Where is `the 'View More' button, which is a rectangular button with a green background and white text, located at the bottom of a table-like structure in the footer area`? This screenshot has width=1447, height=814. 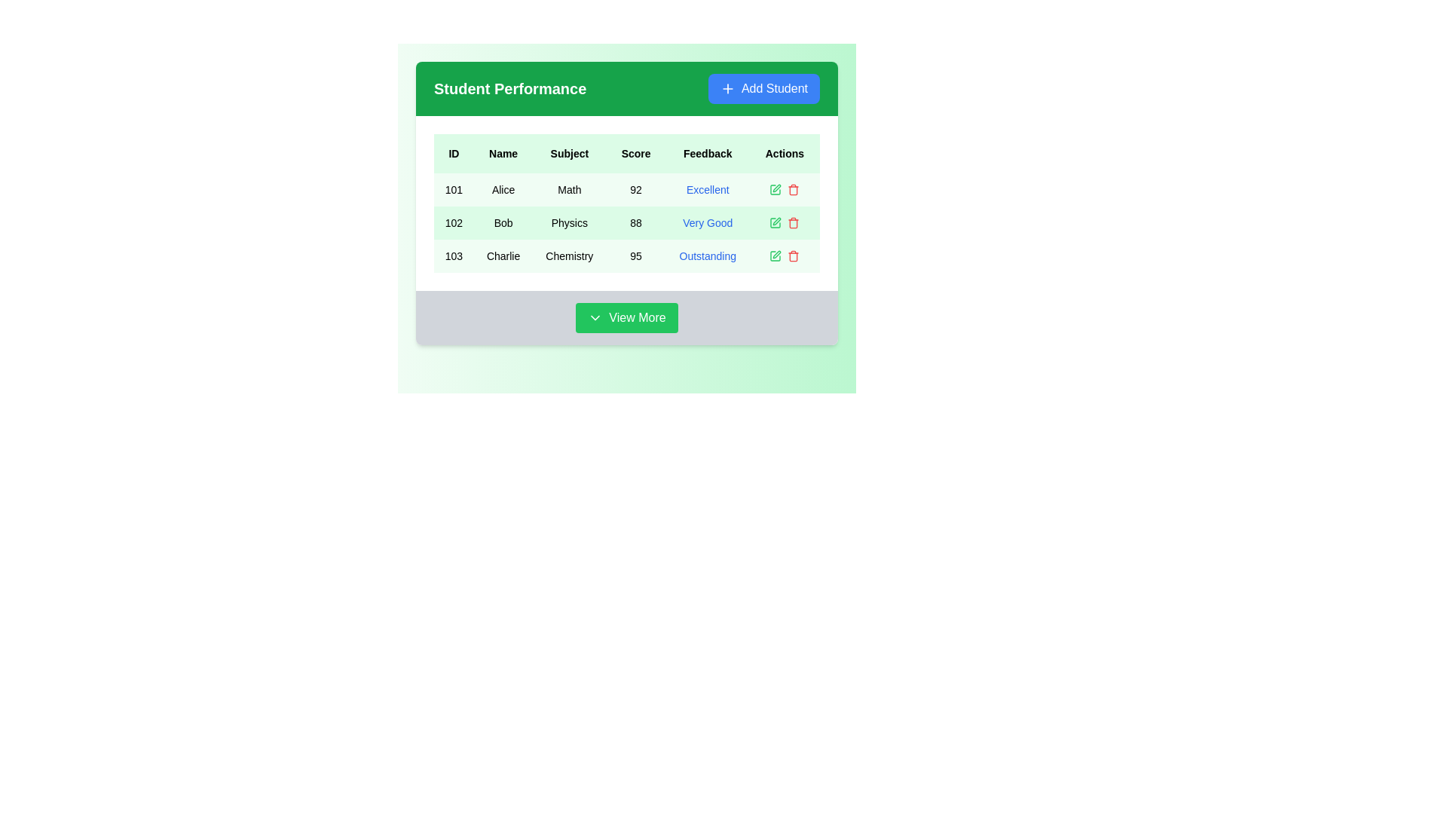
the 'View More' button, which is a rectangular button with a green background and white text, located at the bottom of a table-like structure in the footer area is located at coordinates (626, 317).